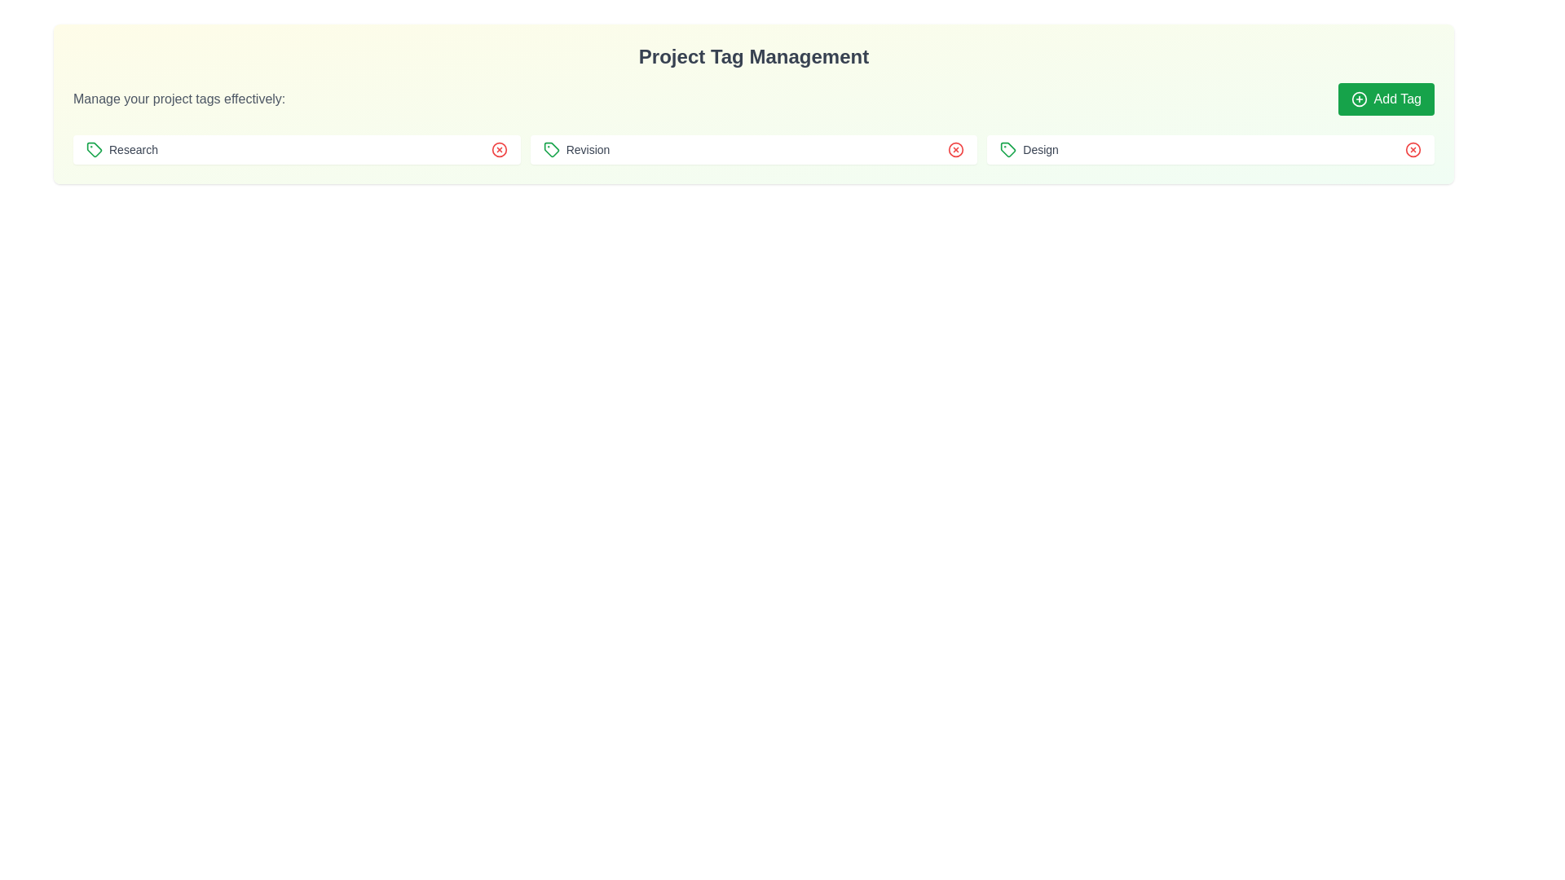  What do you see at coordinates (1007, 150) in the screenshot?
I see `the green tag icon representing 'Design' in the 'Project Tag Management' section, which is located adjacent to the labels for 'Research' and 'Revision'` at bounding box center [1007, 150].